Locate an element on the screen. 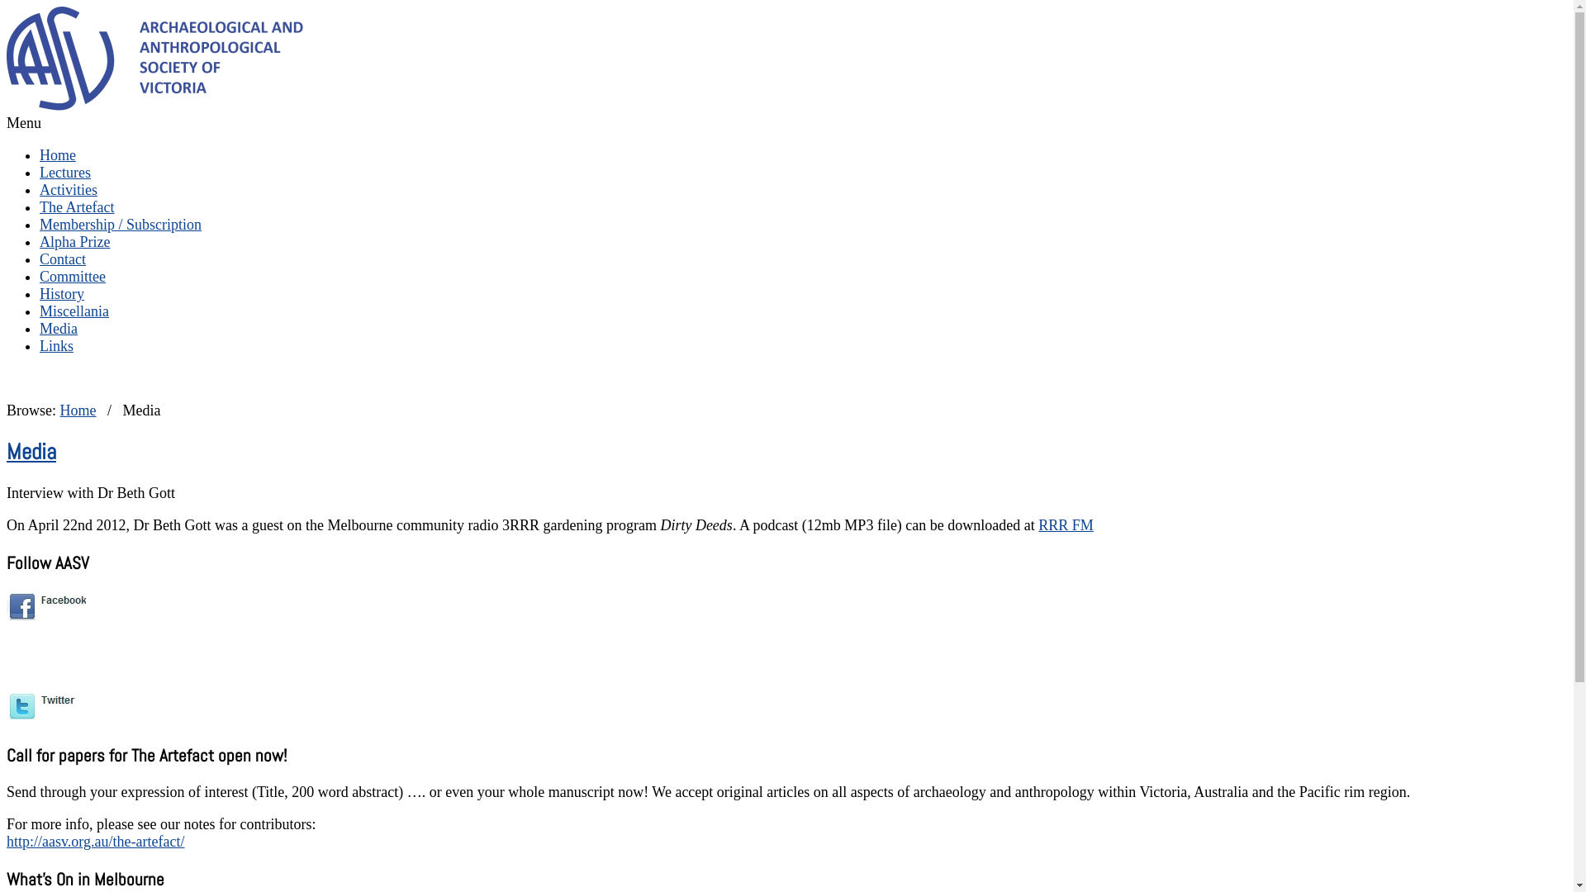 This screenshot has width=1586, height=892. 'RRR FM' is located at coordinates (1038, 525).